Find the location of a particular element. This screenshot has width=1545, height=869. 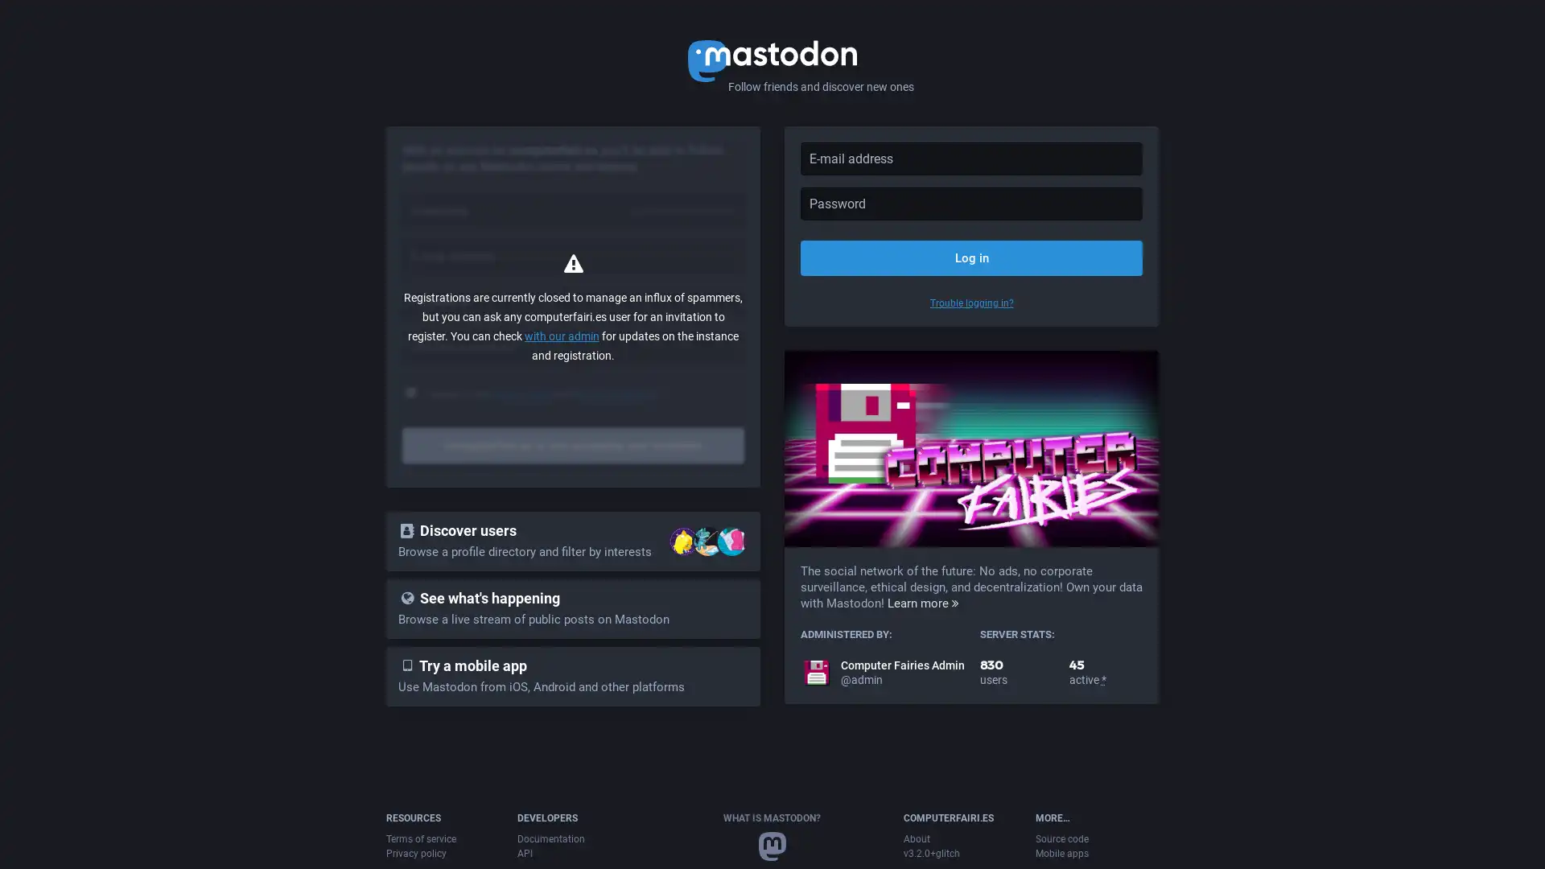

Log in is located at coordinates (970, 257).